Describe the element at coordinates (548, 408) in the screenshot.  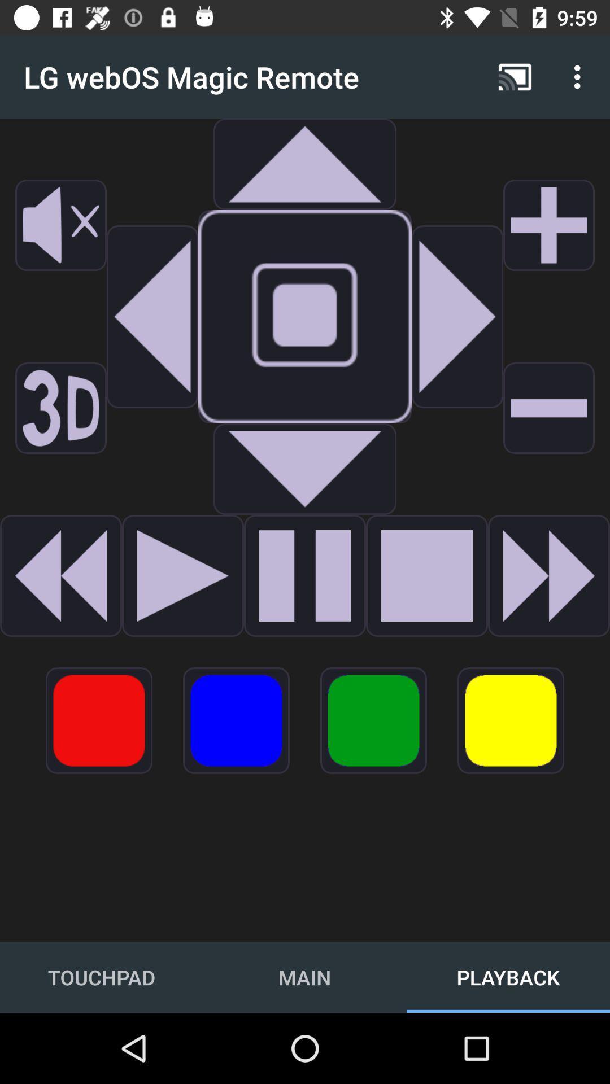
I see `subtract` at that location.